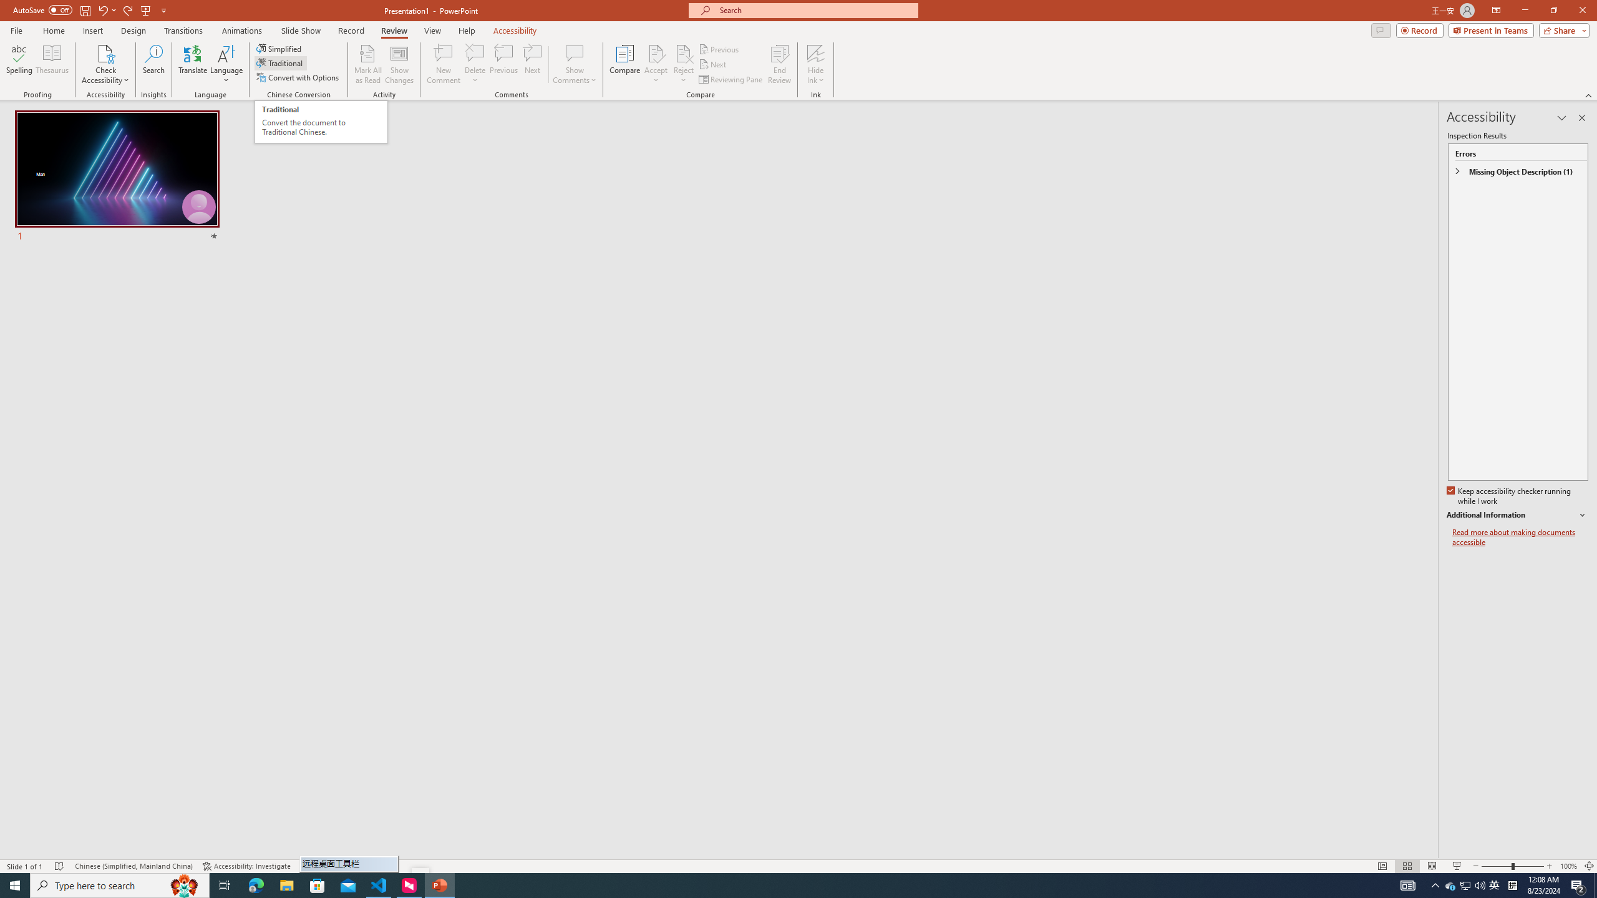 Image resolution: width=1597 pixels, height=898 pixels. What do you see at coordinates (712, 64) in the screenshot?
I see `'Next'` at bounding box center [712, 64].